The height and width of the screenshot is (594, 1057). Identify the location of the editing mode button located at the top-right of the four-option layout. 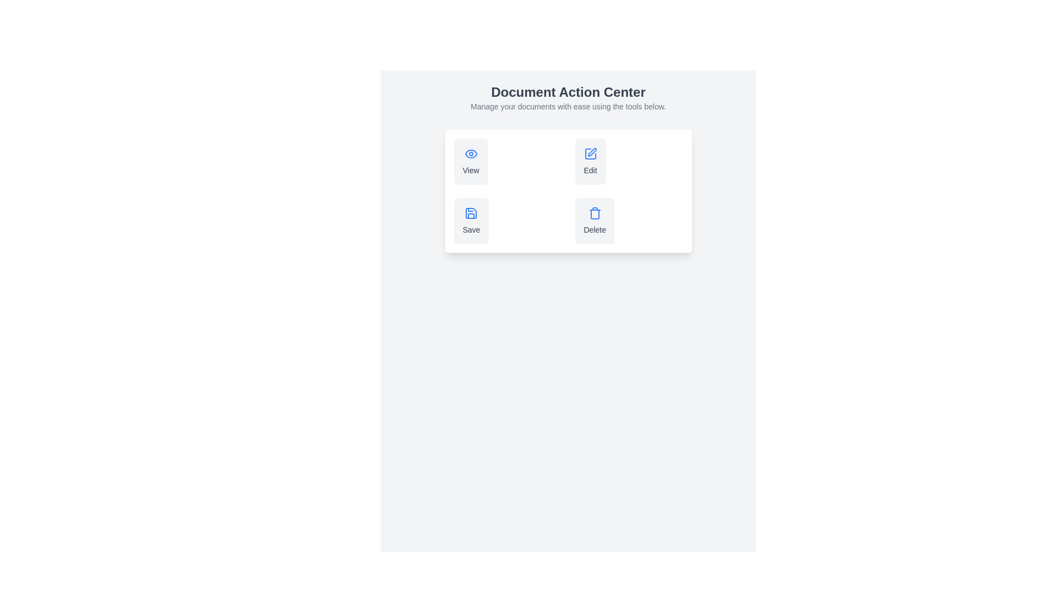
(590, 161).